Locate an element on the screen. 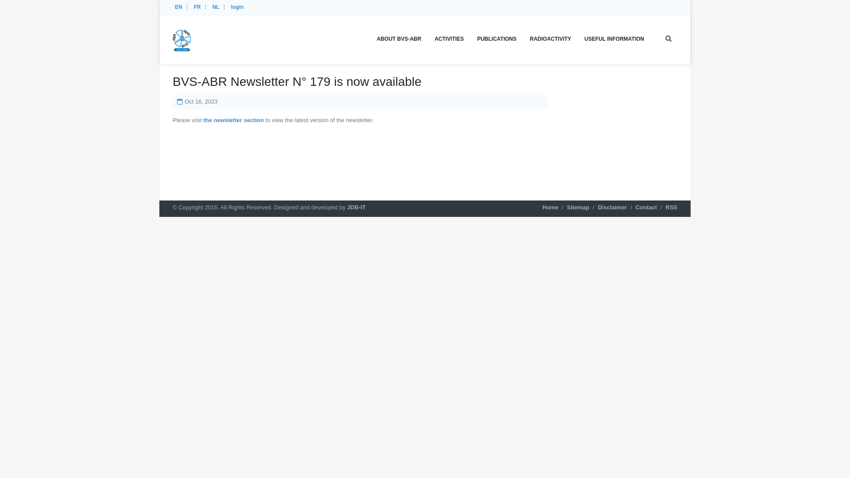 Image resolution: width=850 pixels, height=478 pixels. 'Sitemap' is located at coordinates (578, 207).